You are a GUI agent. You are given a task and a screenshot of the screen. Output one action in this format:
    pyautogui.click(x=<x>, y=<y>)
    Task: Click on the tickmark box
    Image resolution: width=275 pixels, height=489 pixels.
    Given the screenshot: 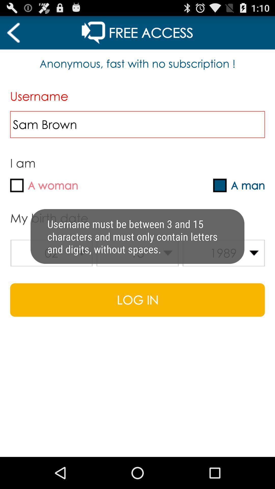 What is the action you would take?
    pyautogui.click(x=220, y=185)
    